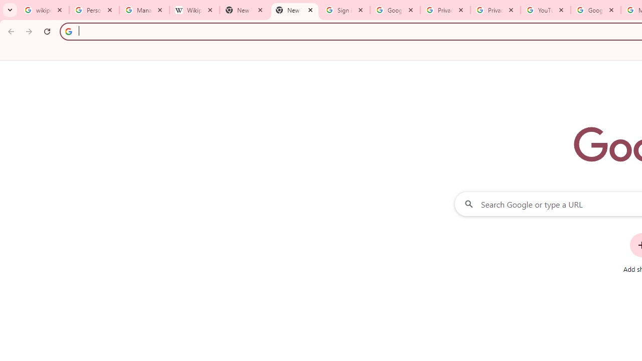 This screenshot has height=361, width=642. I want to click on 'Manage your Location History - Google Search Help', so click(144, 10).